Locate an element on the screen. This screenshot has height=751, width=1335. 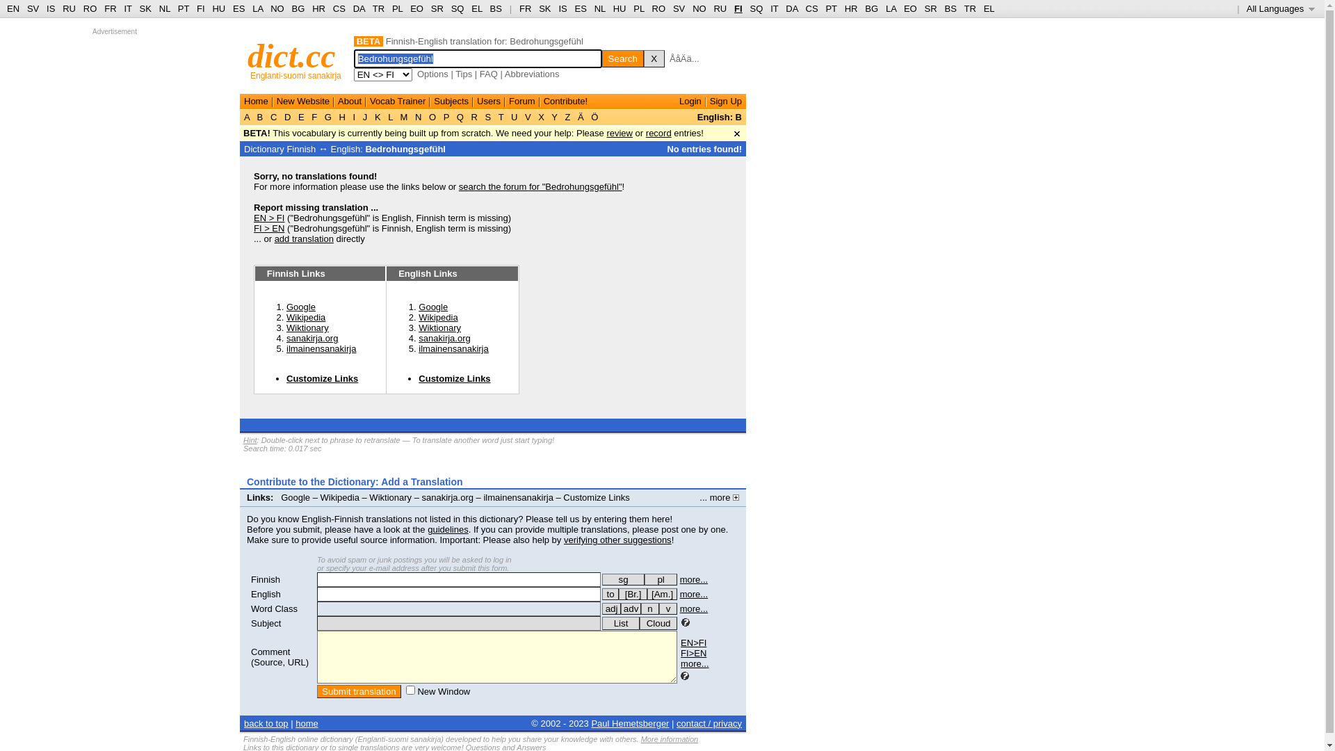
'FI > EN' is located at coordinates (269, 227).